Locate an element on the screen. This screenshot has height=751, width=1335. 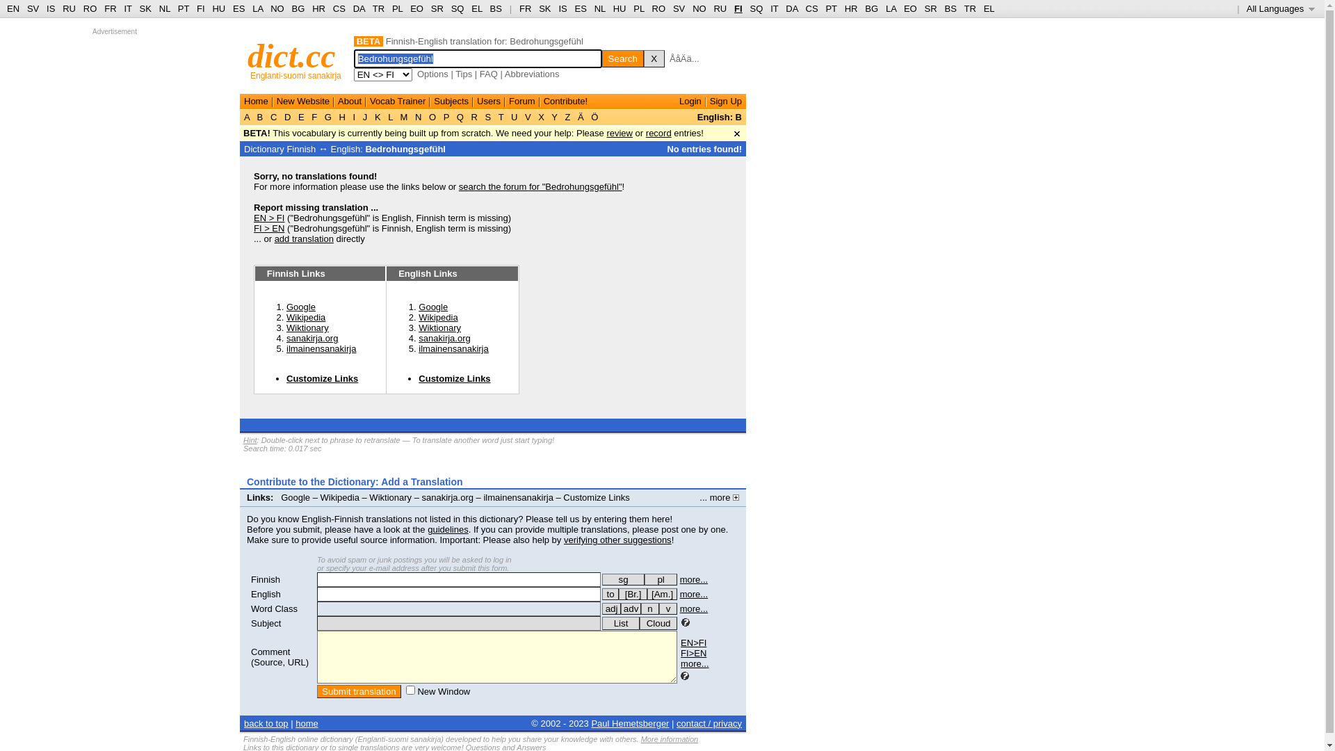
'FI > EN' is located at coordinates (269, 227).